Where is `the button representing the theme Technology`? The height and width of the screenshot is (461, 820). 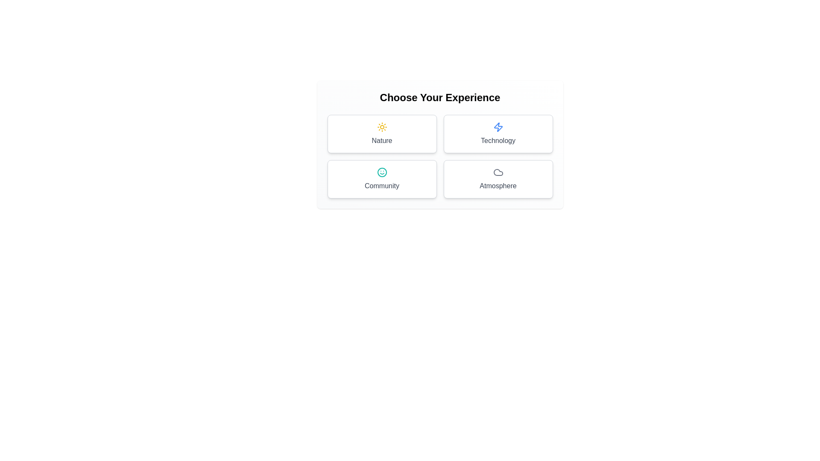
the button representing the theme Technology is located at coordinates (498, 134).